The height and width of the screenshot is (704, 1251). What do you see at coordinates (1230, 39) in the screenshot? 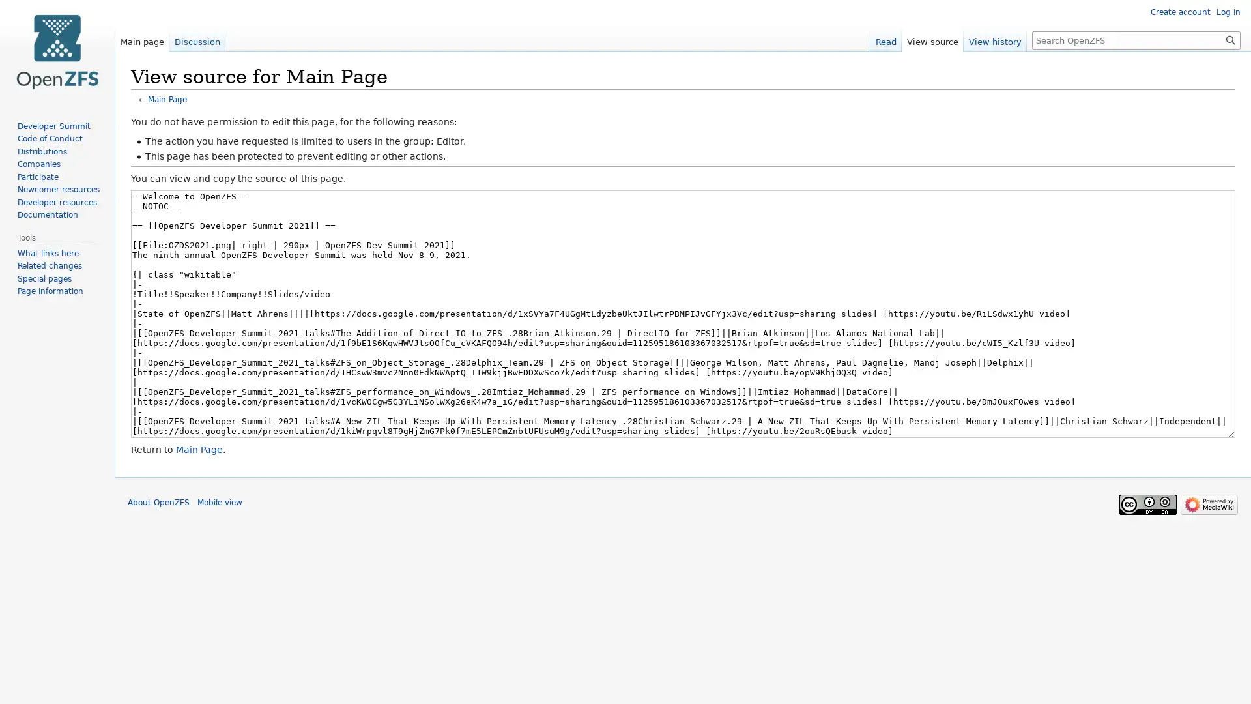
I see `Go` at bounding box center [1230, 39].